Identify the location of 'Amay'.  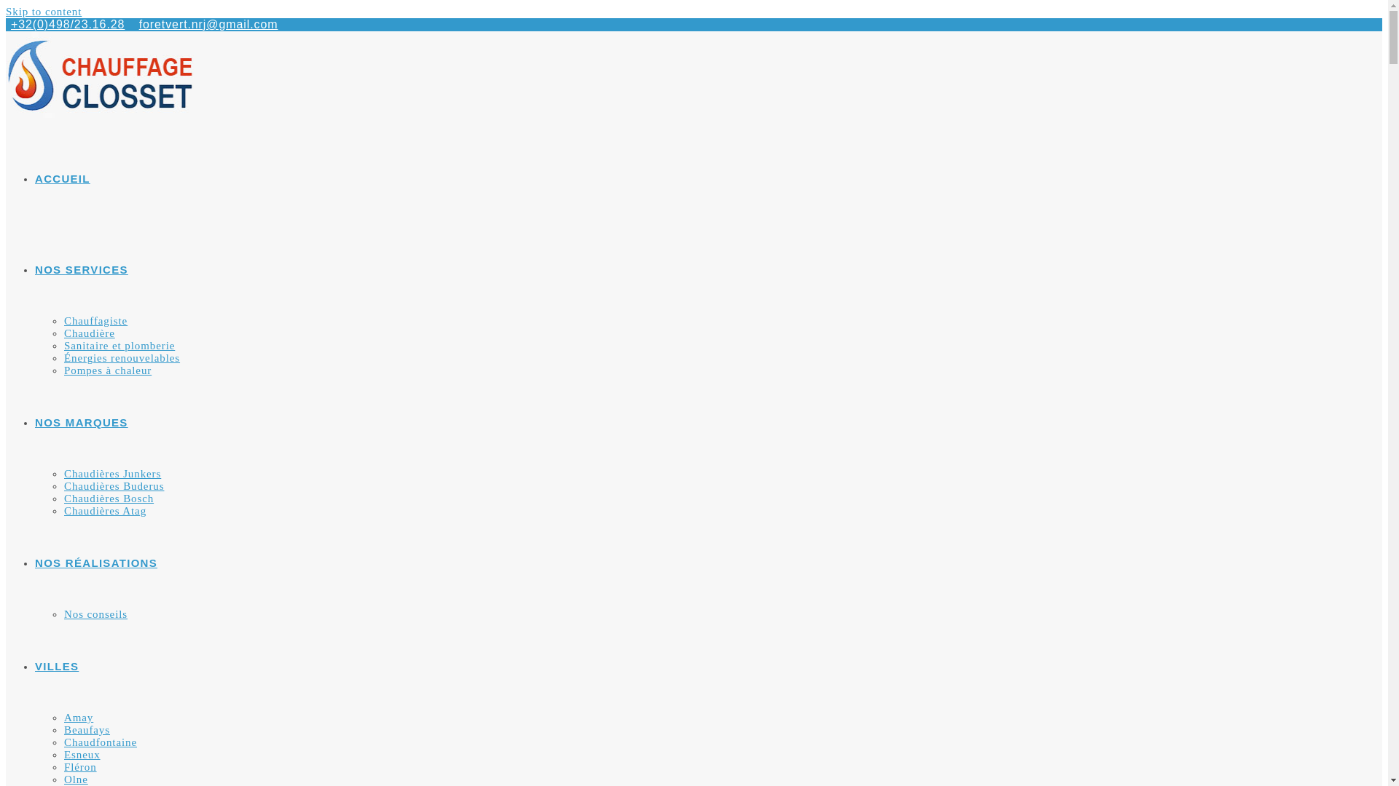
(77, 717).